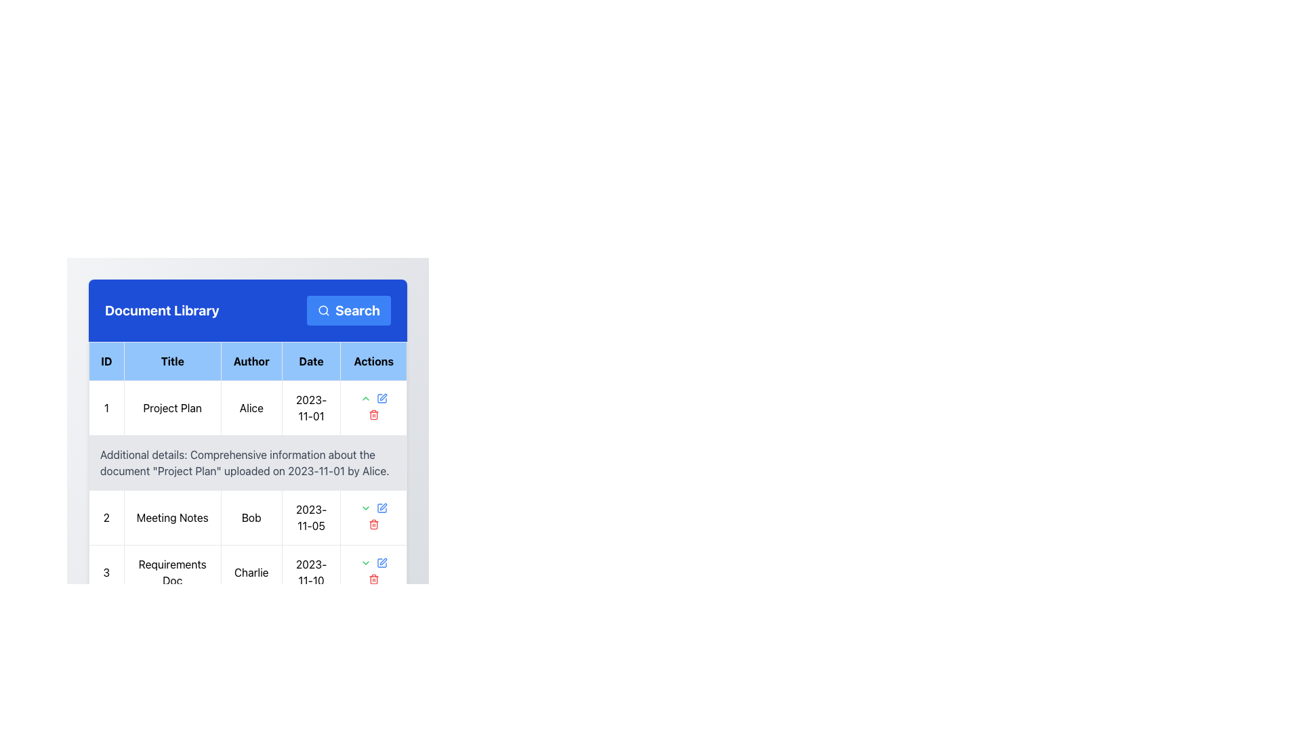 Image resolution: width=1301 pixels, height=731 pixels. I want to click on the 'Edit' icon button located in the 'Actions' column of the second row for the 'Meeting Notes' document to initiate editing, so click(381, 508).